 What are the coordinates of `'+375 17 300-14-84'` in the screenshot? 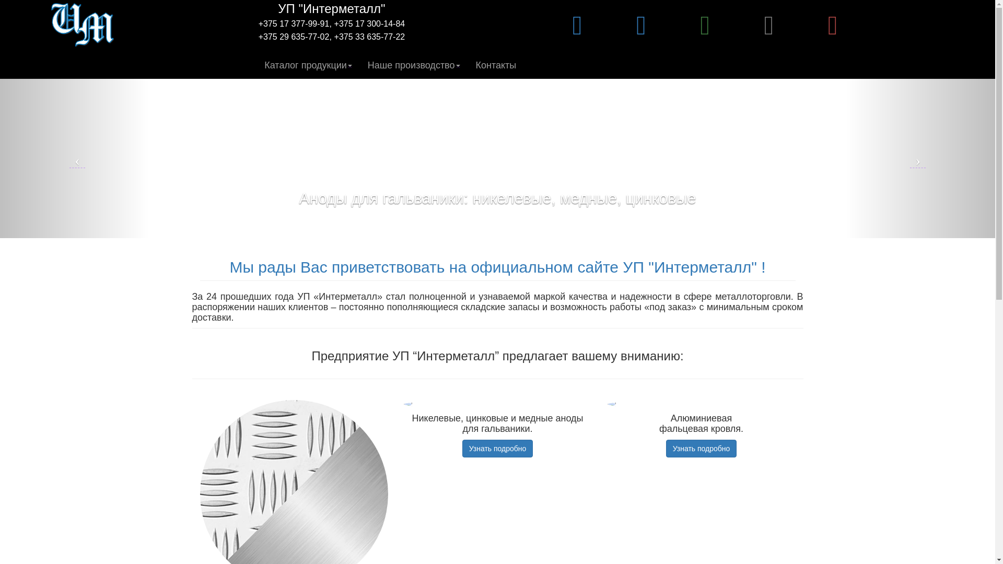 It's located at (333, 23).